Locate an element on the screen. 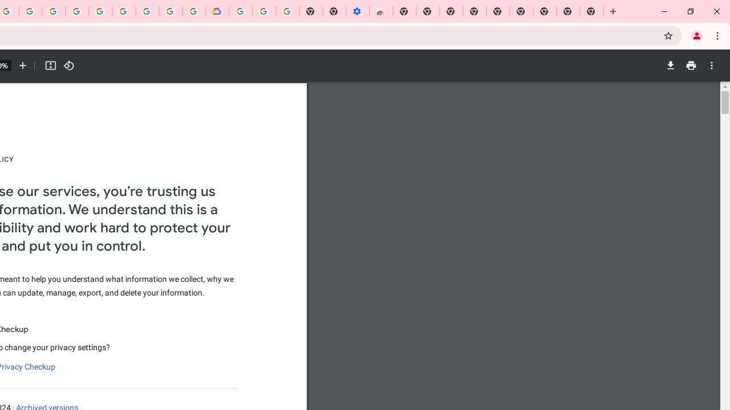 The height and width of the screenshot is (410, 730). 'Rotate counterclockwise' is located at coordinates (68, 65).